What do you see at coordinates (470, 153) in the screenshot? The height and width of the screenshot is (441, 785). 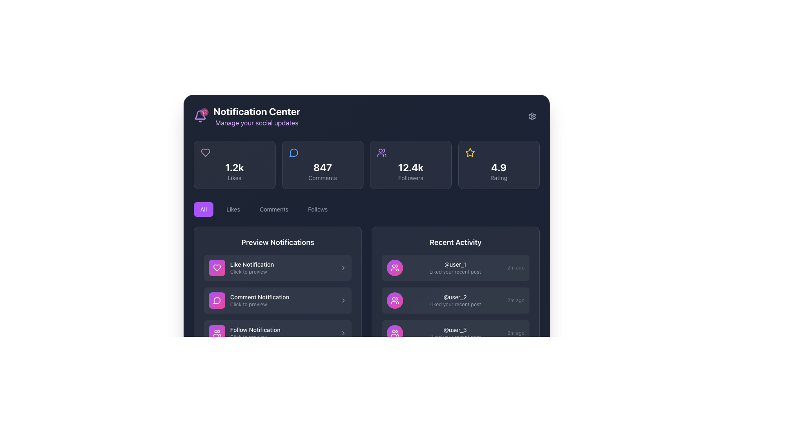 I see `the star icon, which visually represents a rating in the rating widget located in the top-right portion of the interface` at bounding box center [470, 153].